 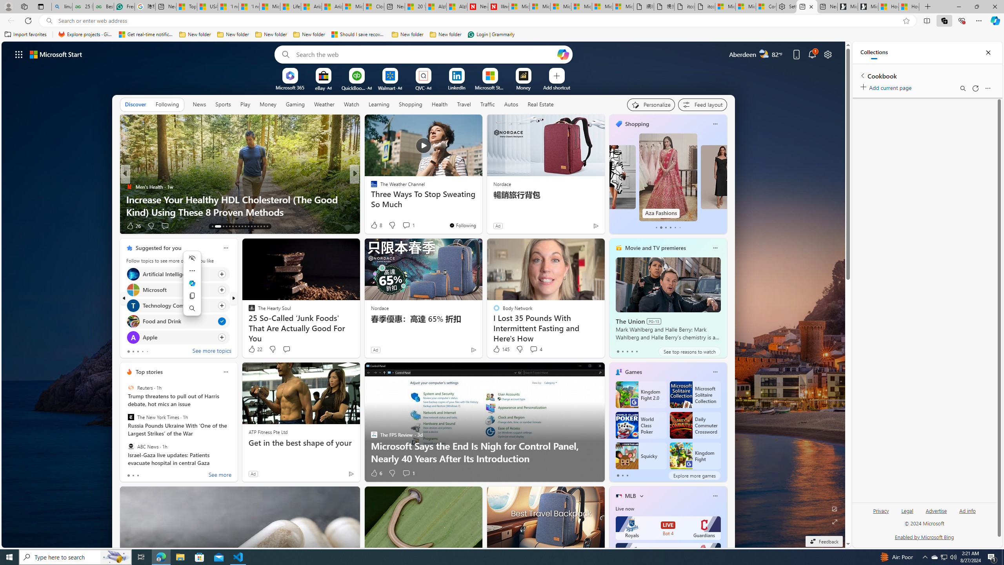 What do you see at coordinates (25, 34) in the screenshot?
I see `'Import favorites'` at bounding box center [25, 34].